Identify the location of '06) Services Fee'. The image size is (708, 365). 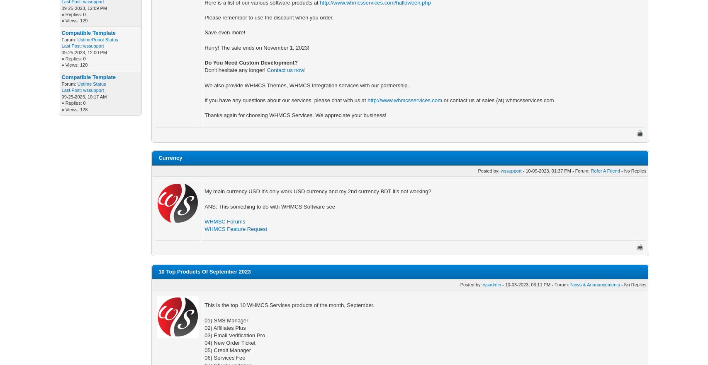
(204, 357).